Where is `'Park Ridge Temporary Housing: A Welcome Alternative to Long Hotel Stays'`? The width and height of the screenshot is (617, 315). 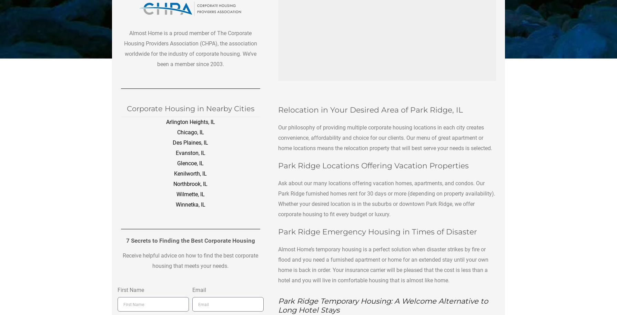
'Park Ridge Temporary Housing: A Welcome Alternative to Long Hotel Stays' is located at coordinates (383, 305).